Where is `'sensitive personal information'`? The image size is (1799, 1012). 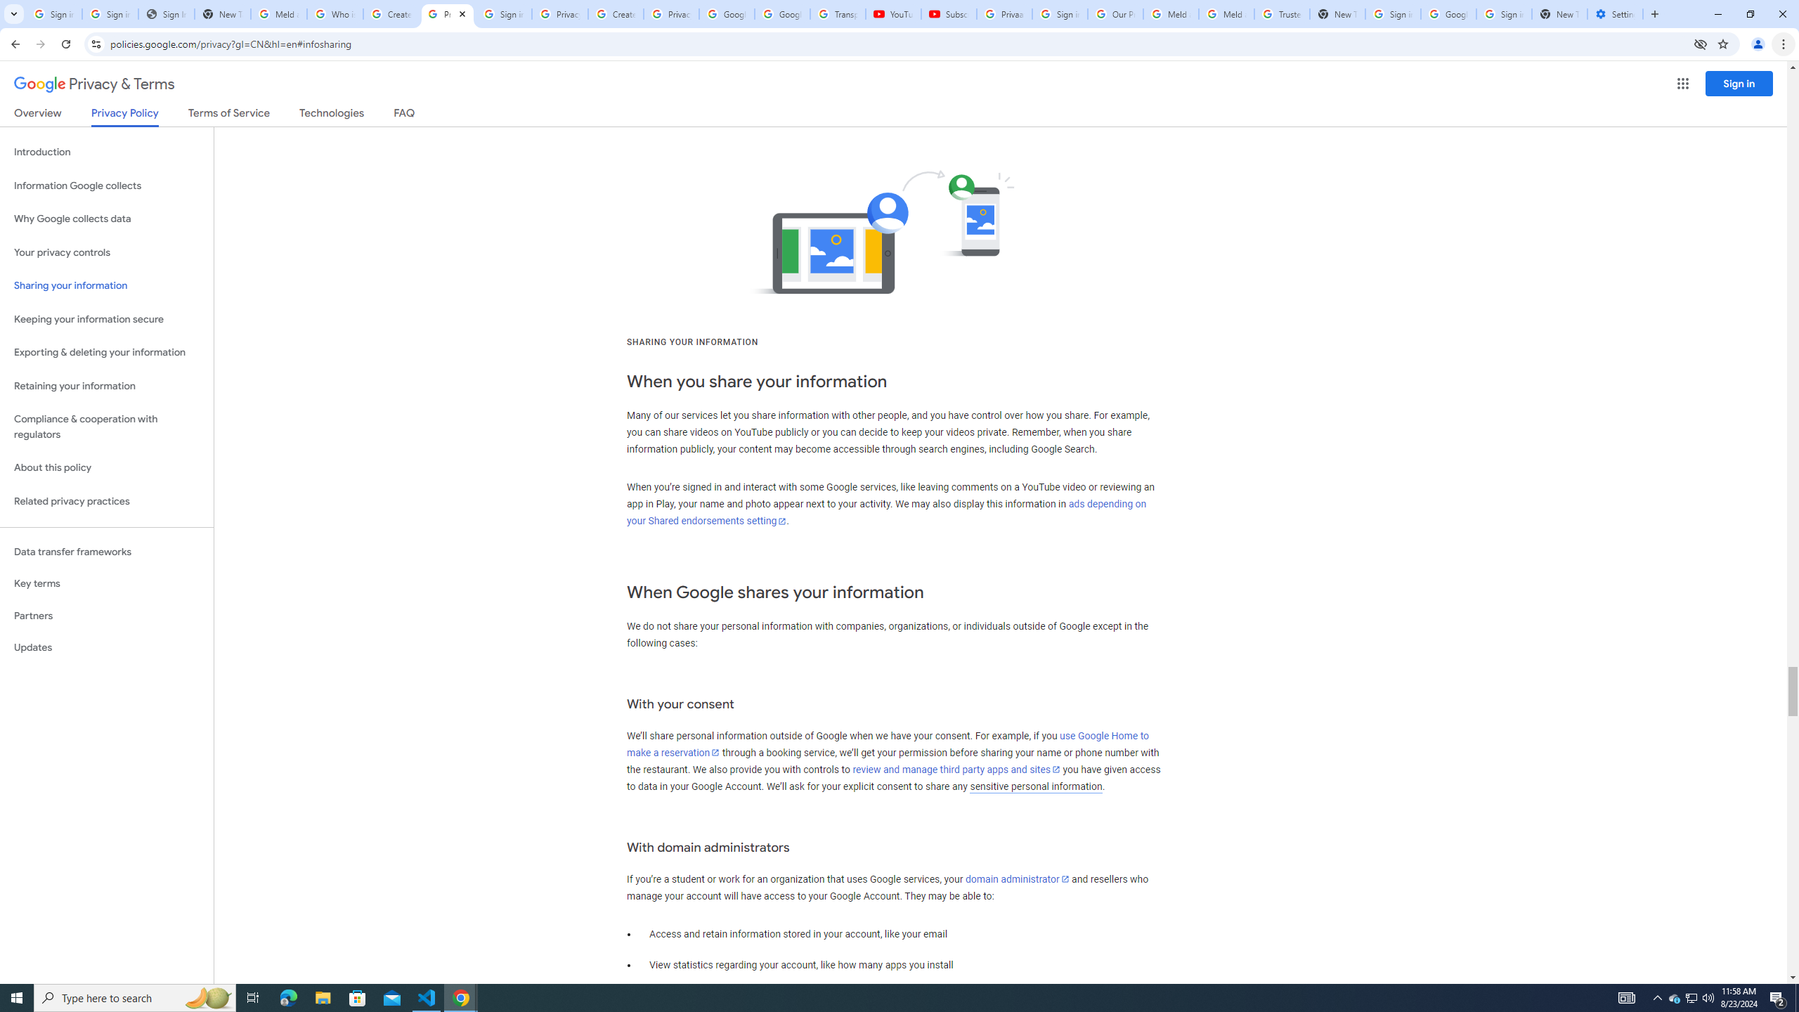 'sensitive personal information' is located at coordinates (1035, 786).